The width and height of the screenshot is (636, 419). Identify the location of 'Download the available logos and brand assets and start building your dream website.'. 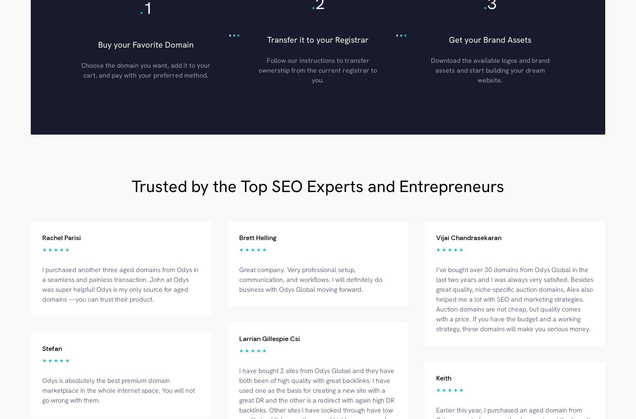
(490, 69).